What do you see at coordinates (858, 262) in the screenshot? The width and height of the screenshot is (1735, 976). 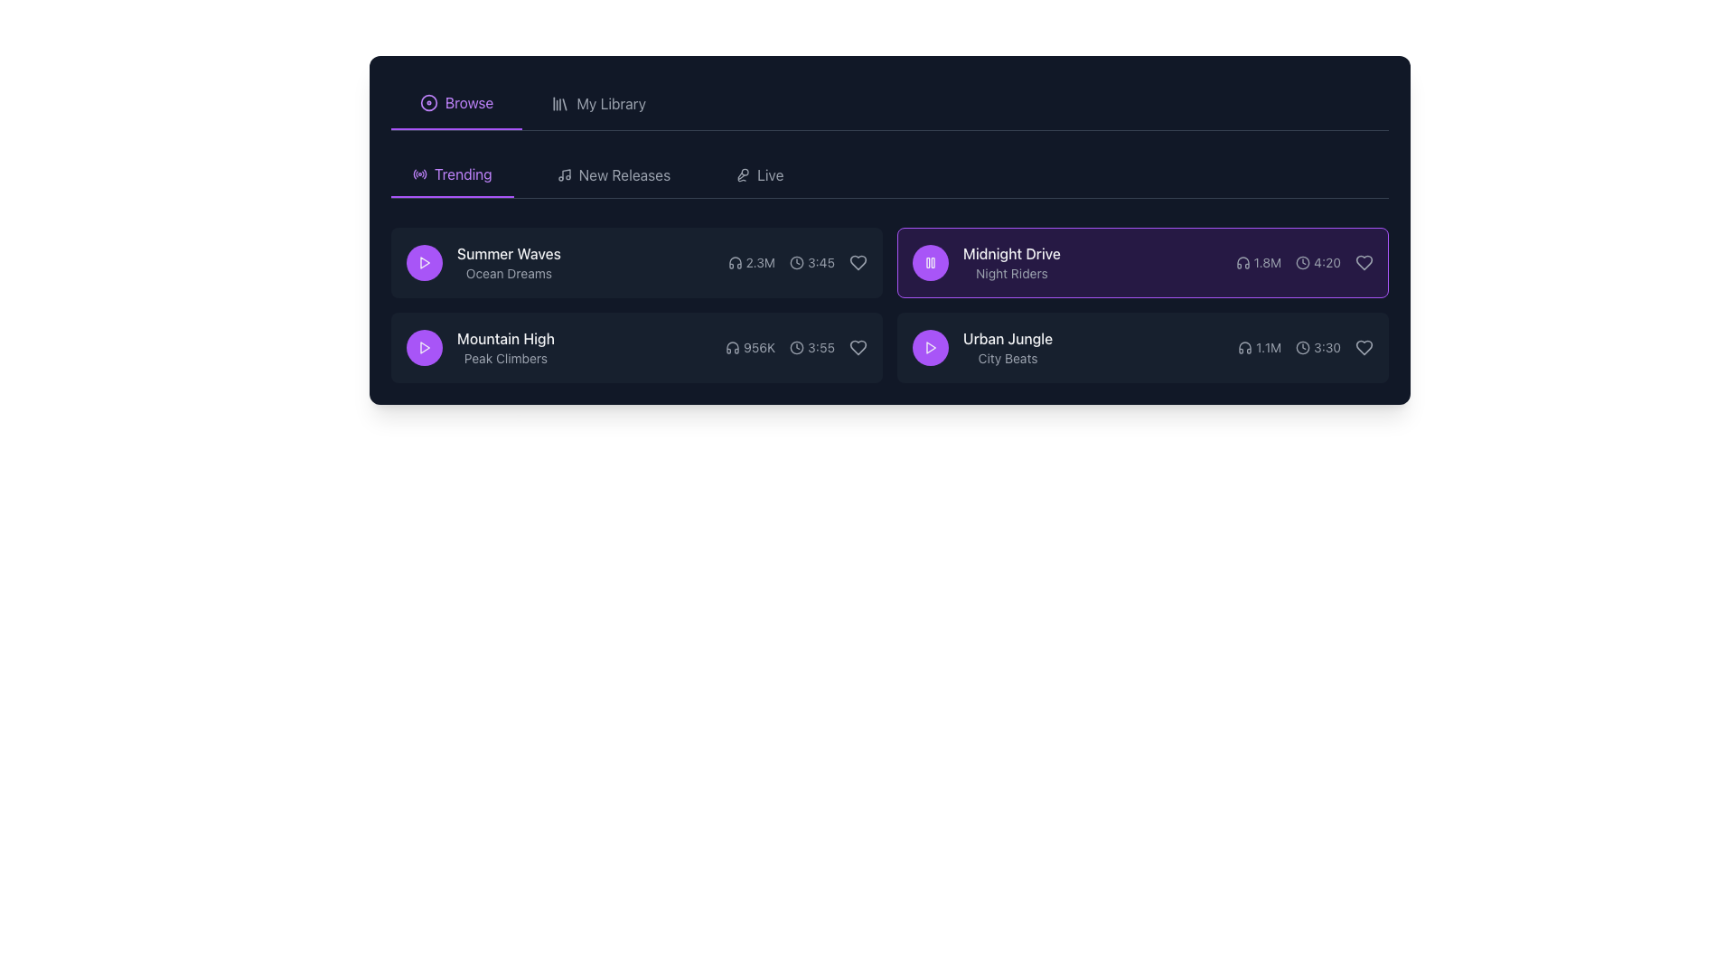 I see `the heart icon button at the far-right end of the row for the song 'Summer Waves' by 'Ocean Dreams'` at bounding box center [858, 262].